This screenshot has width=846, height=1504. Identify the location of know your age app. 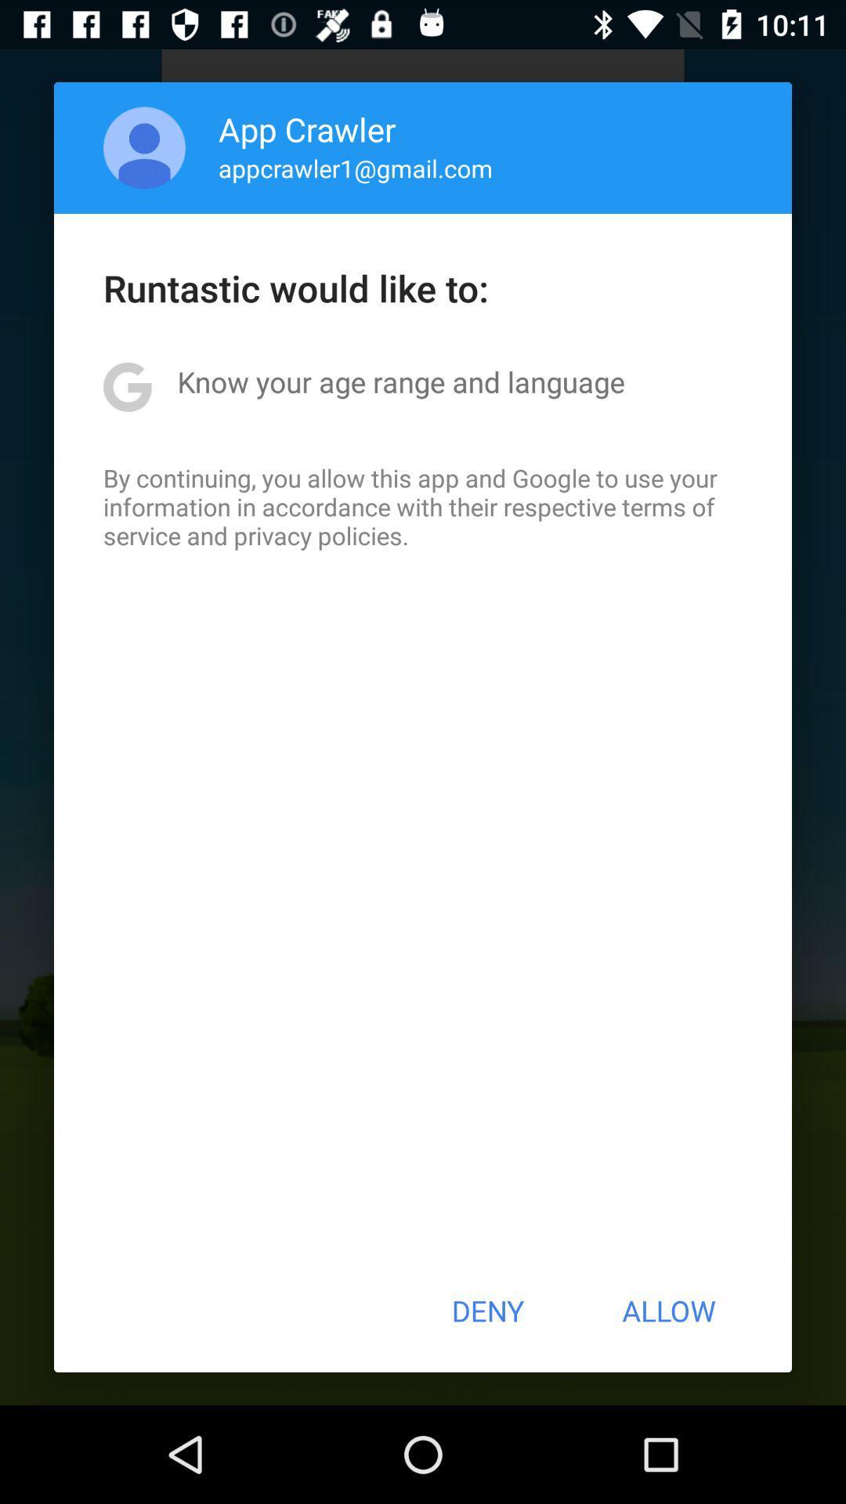
(400, 381).